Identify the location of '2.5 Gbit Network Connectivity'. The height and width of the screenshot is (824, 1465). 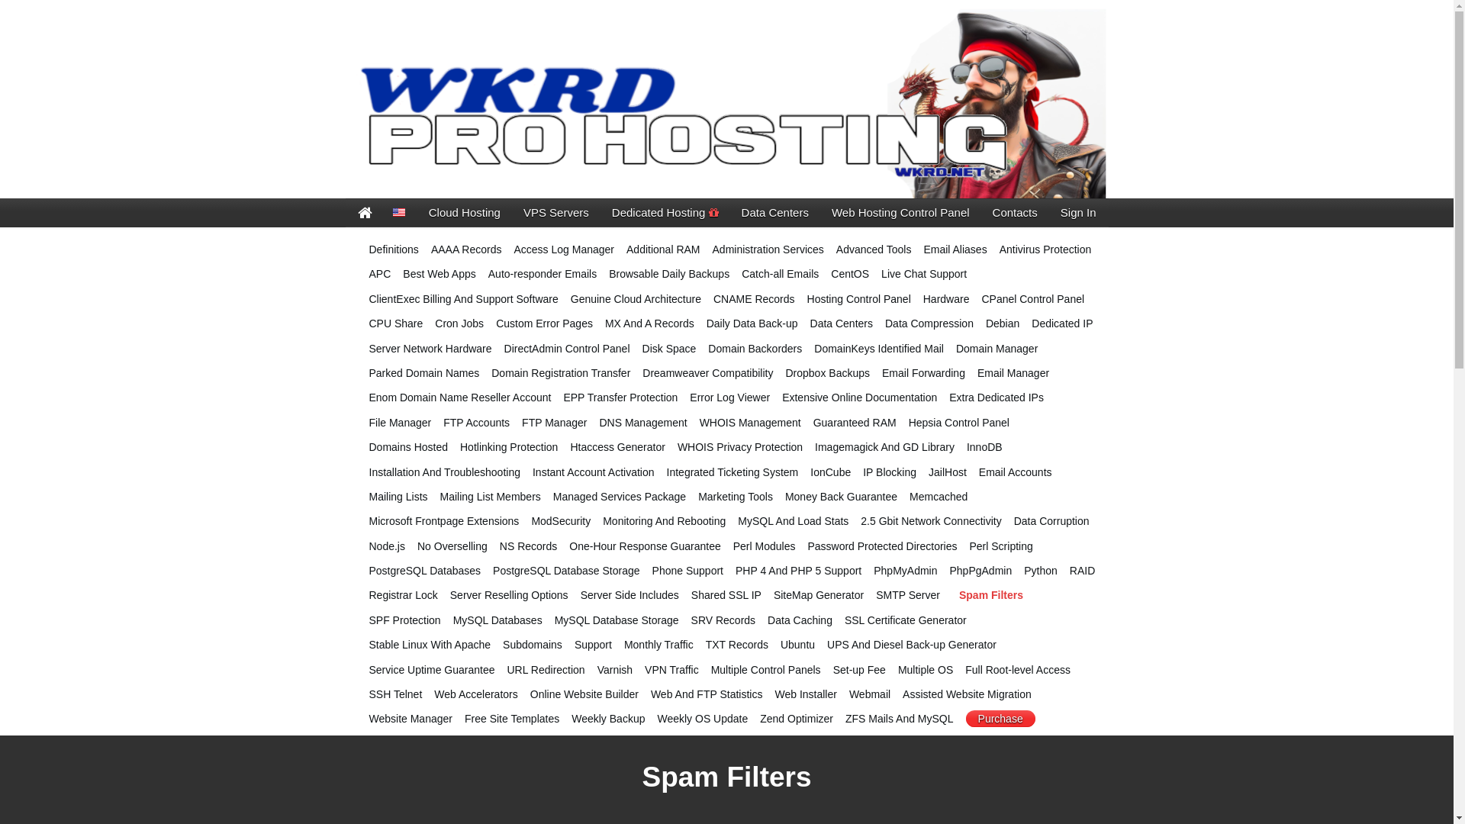
(861, 520).